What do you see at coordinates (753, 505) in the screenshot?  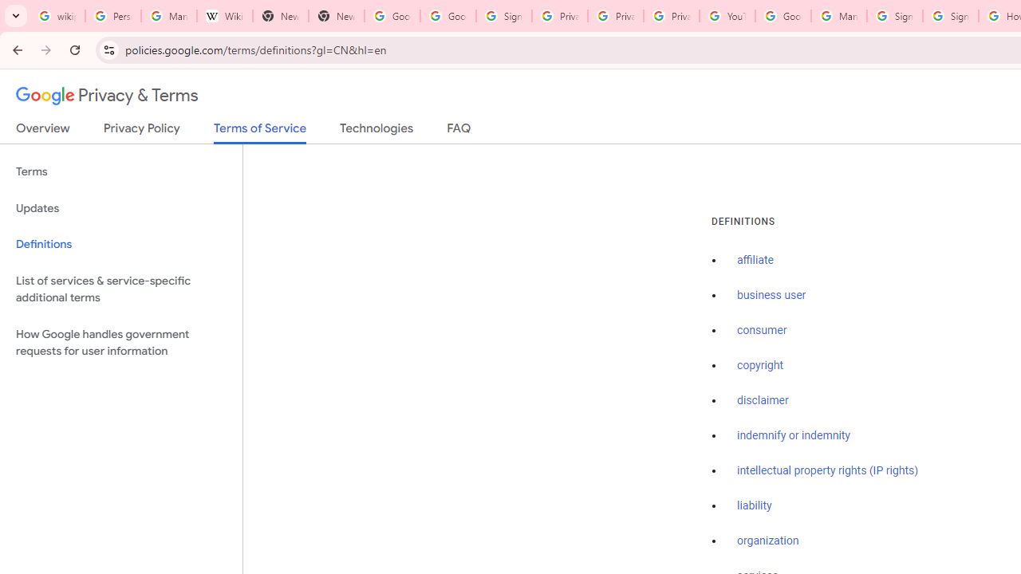 I see `'liability'` at bounding box center [753, 505].